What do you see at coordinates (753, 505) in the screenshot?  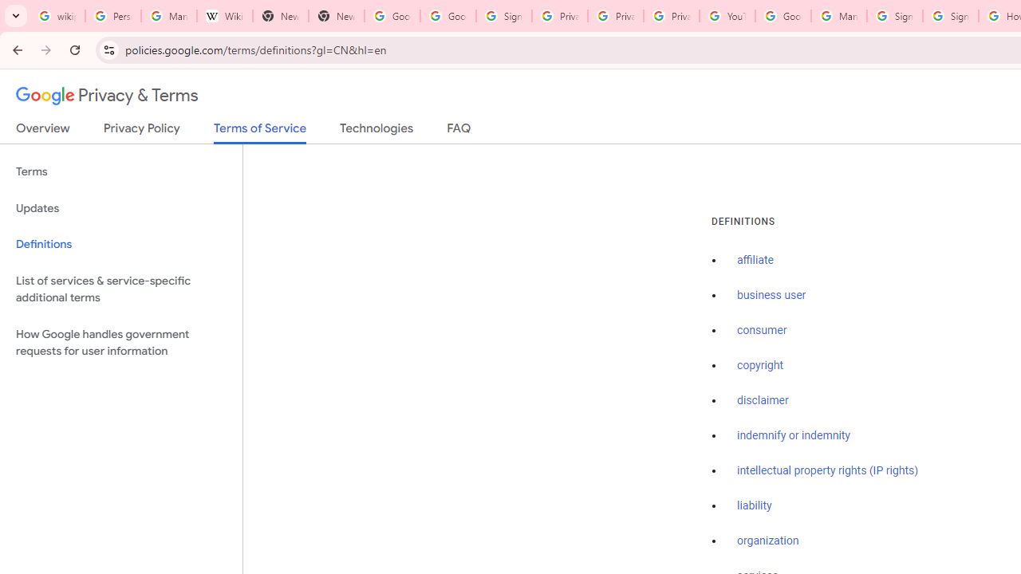 I see `'liability'` at bounding box center [753, 505].